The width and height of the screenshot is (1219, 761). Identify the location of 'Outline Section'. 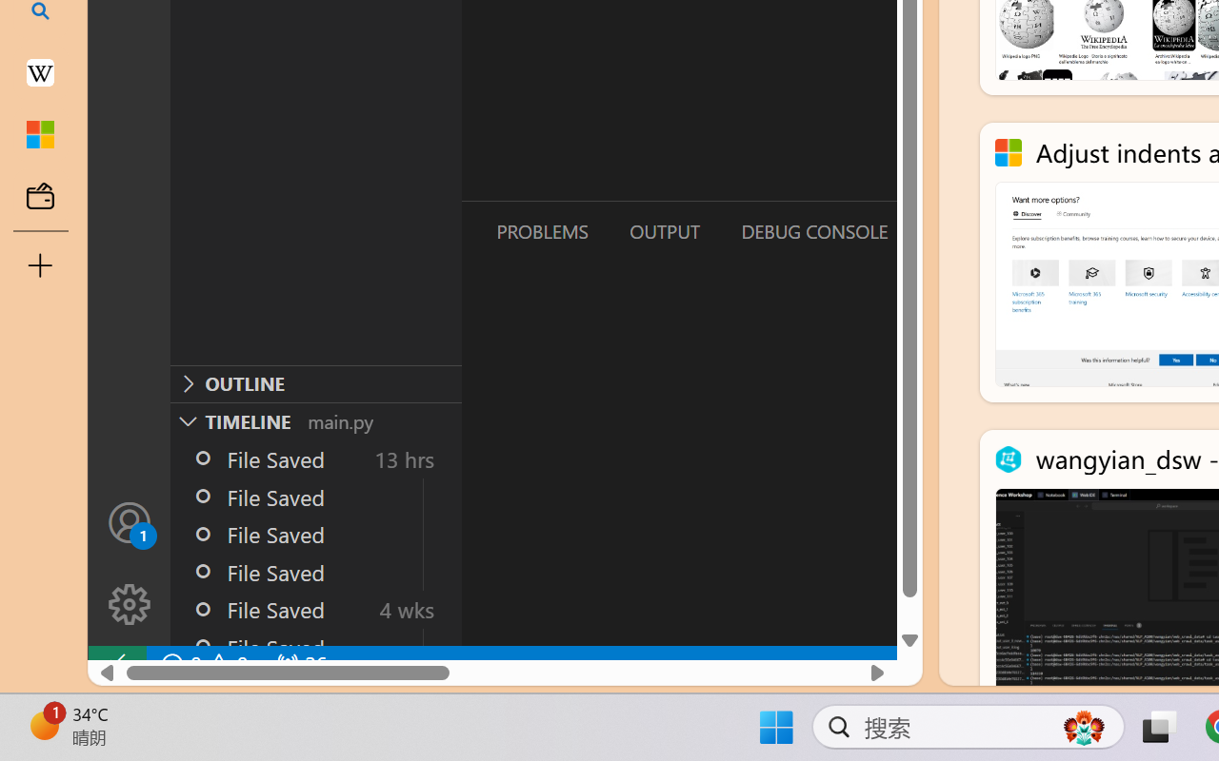
(315, 383).